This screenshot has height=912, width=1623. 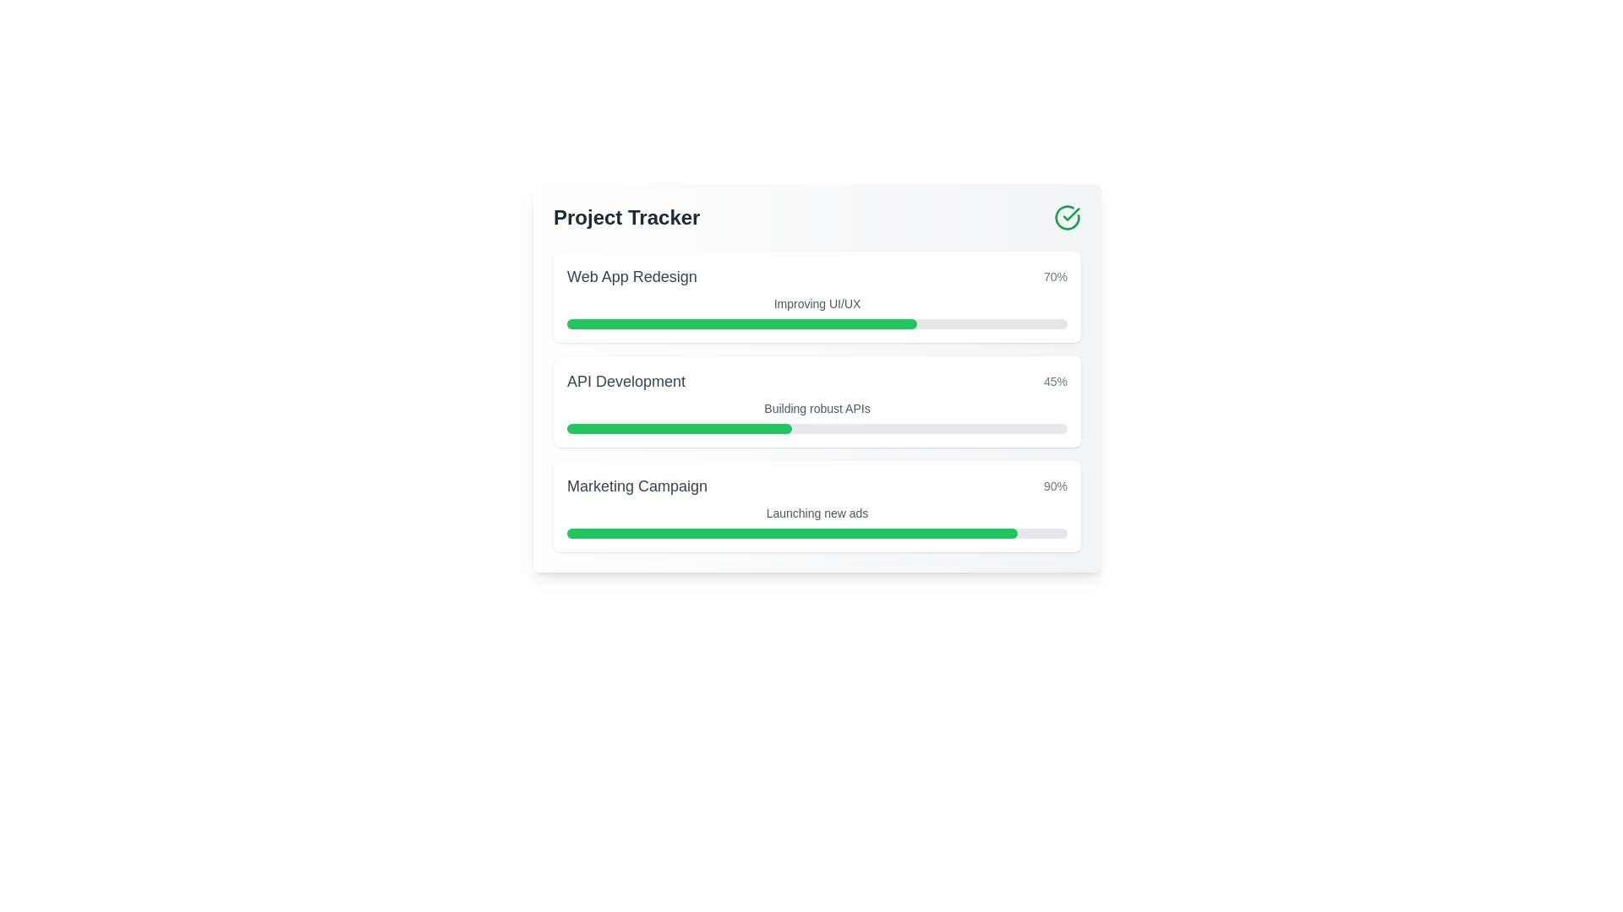 I want to click on the green progress bar segment indicating 70% completion in the first progress bar under 'Web App Redesign' in the 'Project Tracker' card, so click(x=742, y=324).